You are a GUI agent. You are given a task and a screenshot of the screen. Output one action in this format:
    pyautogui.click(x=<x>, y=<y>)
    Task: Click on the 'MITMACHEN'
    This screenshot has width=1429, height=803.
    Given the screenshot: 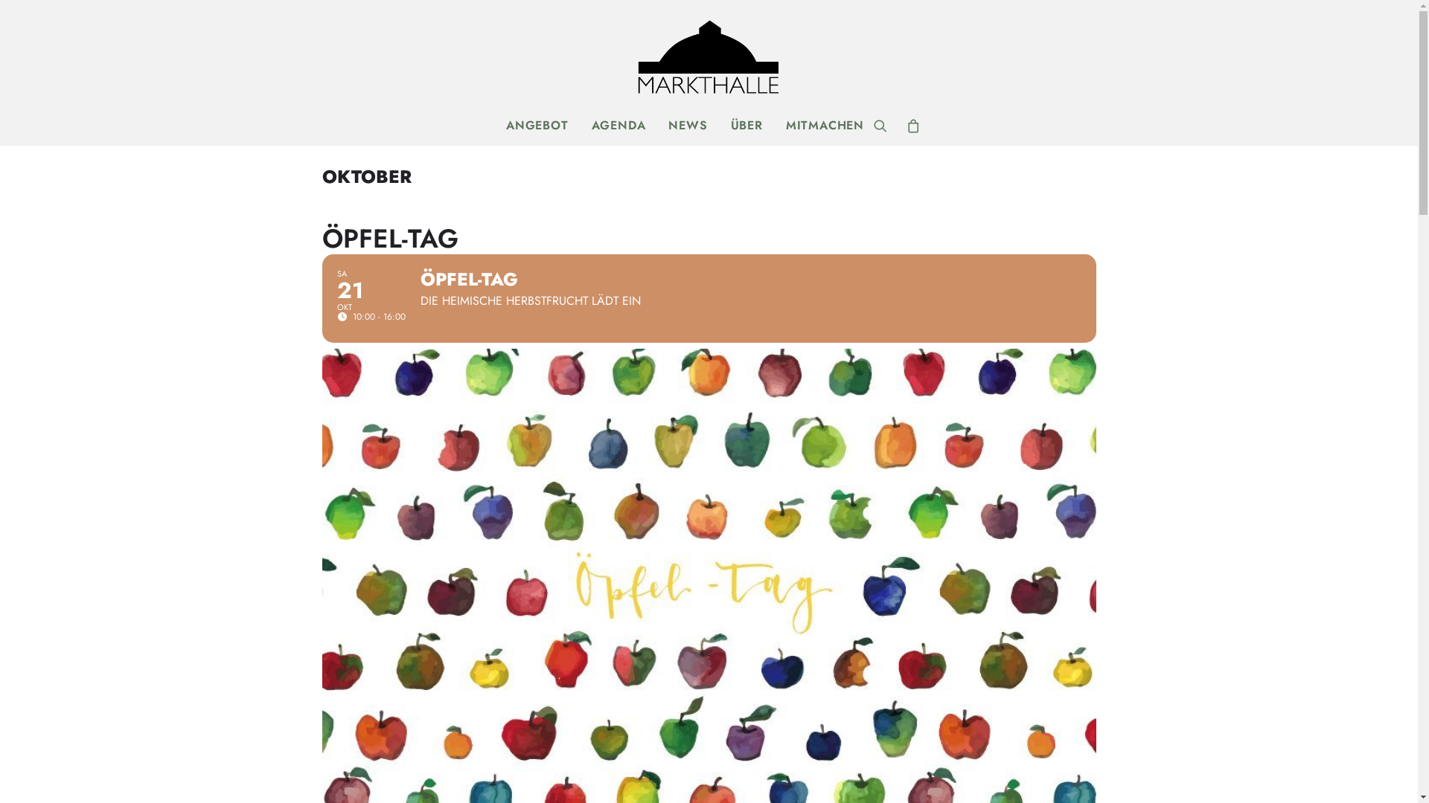 What is the action you would take?
    pyautogui.click(x=819, y=125)
    